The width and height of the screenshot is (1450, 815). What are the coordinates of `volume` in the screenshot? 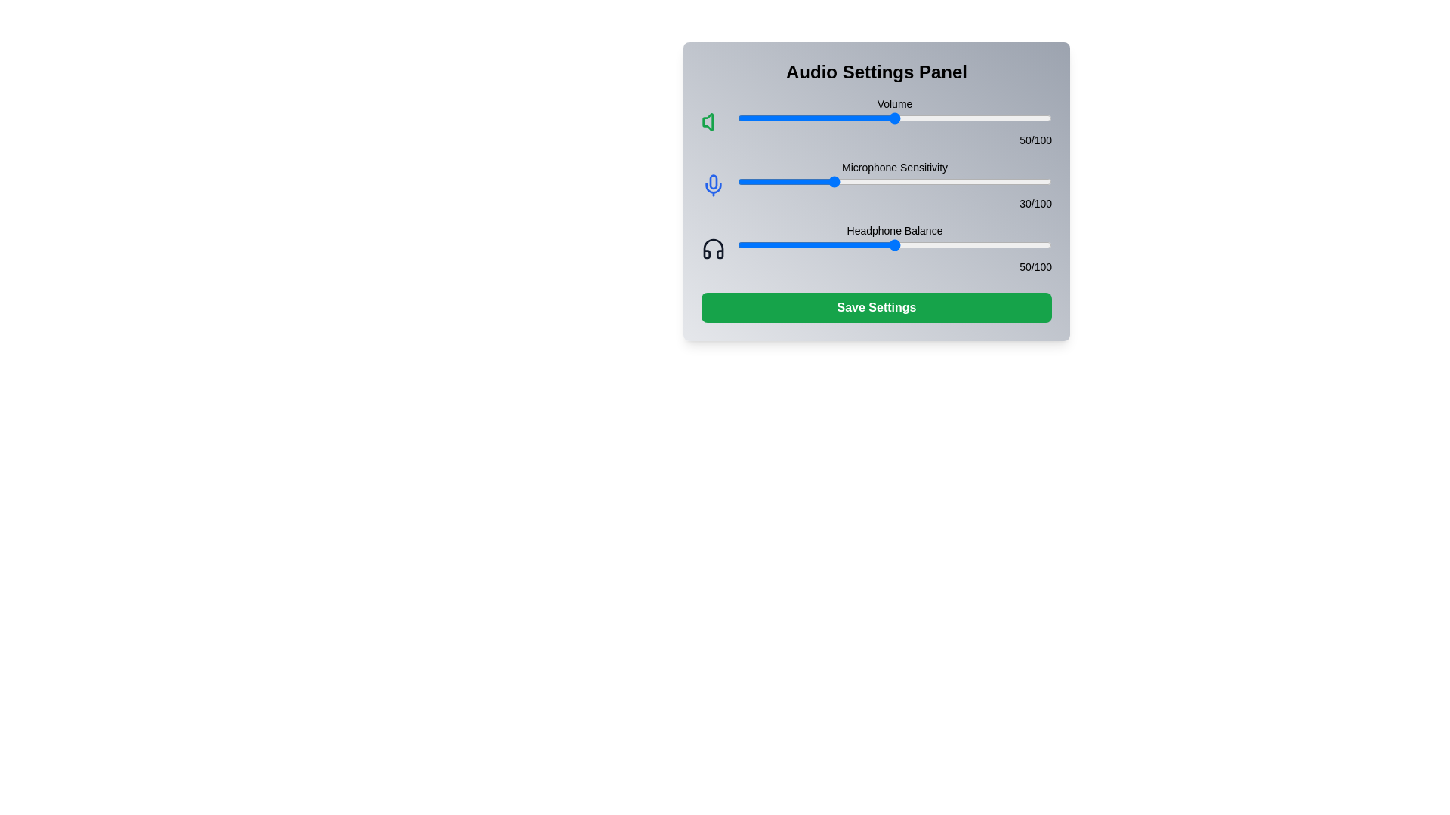 It's located at (800, 118).